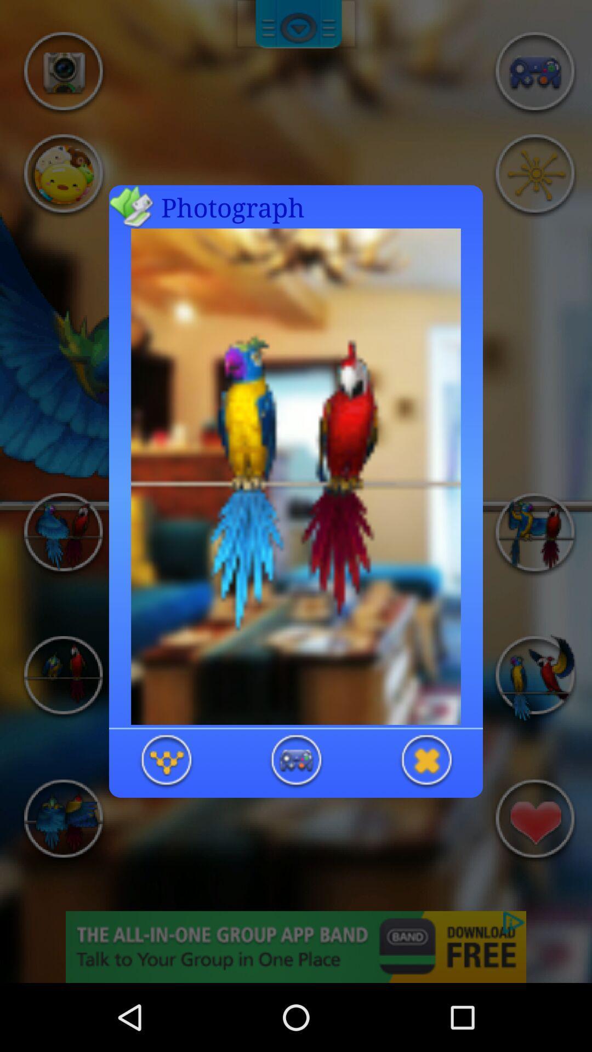  I want to click on exit, so click(425, 761).